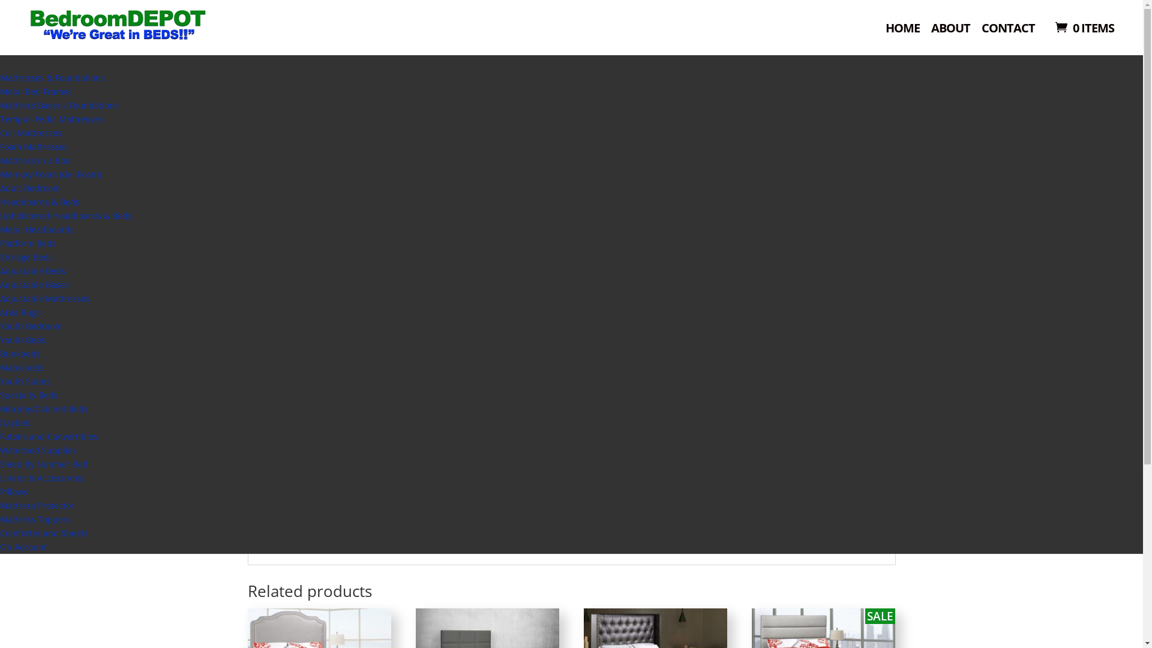 Image resolution: width=1152 pixels, height=648 pixels. I want to click on 'Memory Foam (Gel Foam)', so click(50, 174).